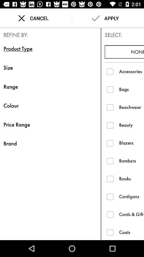 This screenshot has width=144, height=257. What do you see at coordinates (131, 71) in the screenshot?
I see `the icon above the bags item` at bounding box center [131, 71].